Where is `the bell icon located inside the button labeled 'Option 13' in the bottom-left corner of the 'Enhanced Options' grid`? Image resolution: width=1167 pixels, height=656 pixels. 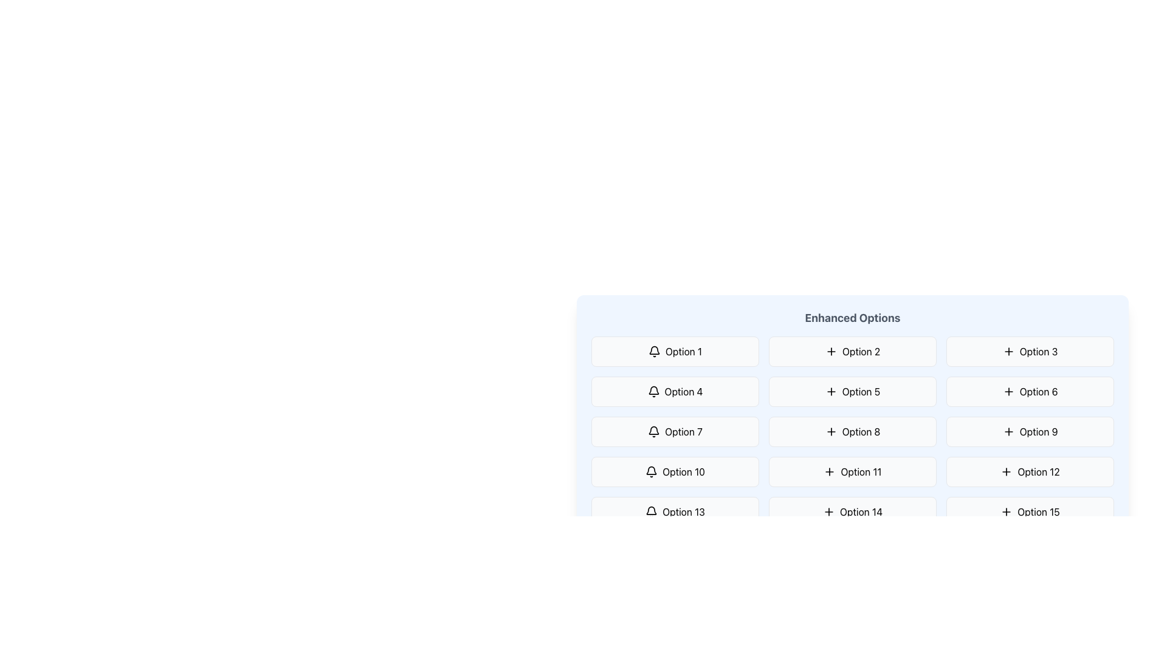 the bell icon located inside the button labeled 'Option 13' in the bottom-left corner of the 'Enhanced Options' grid is located at coordinates (651, 512).